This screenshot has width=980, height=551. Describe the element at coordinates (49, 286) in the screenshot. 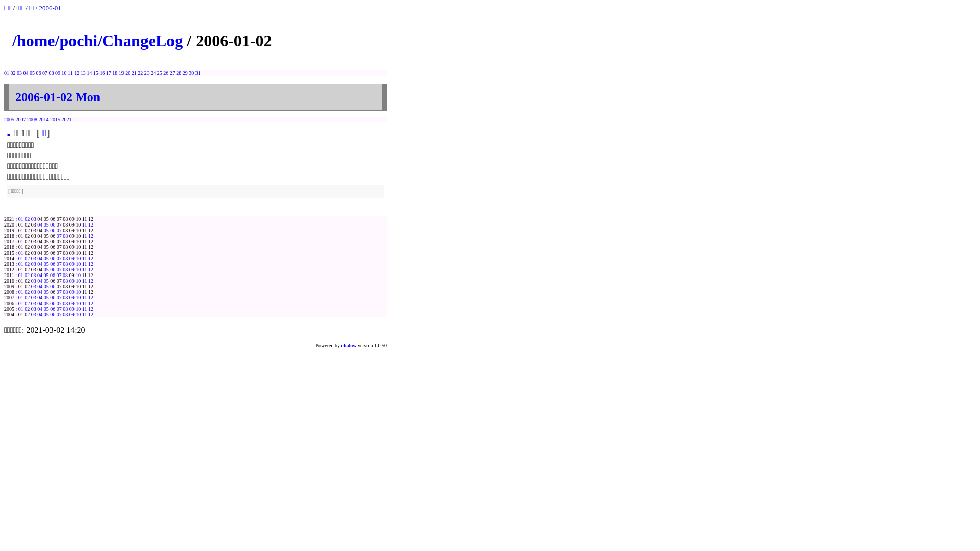

I see `'06'` at that location.